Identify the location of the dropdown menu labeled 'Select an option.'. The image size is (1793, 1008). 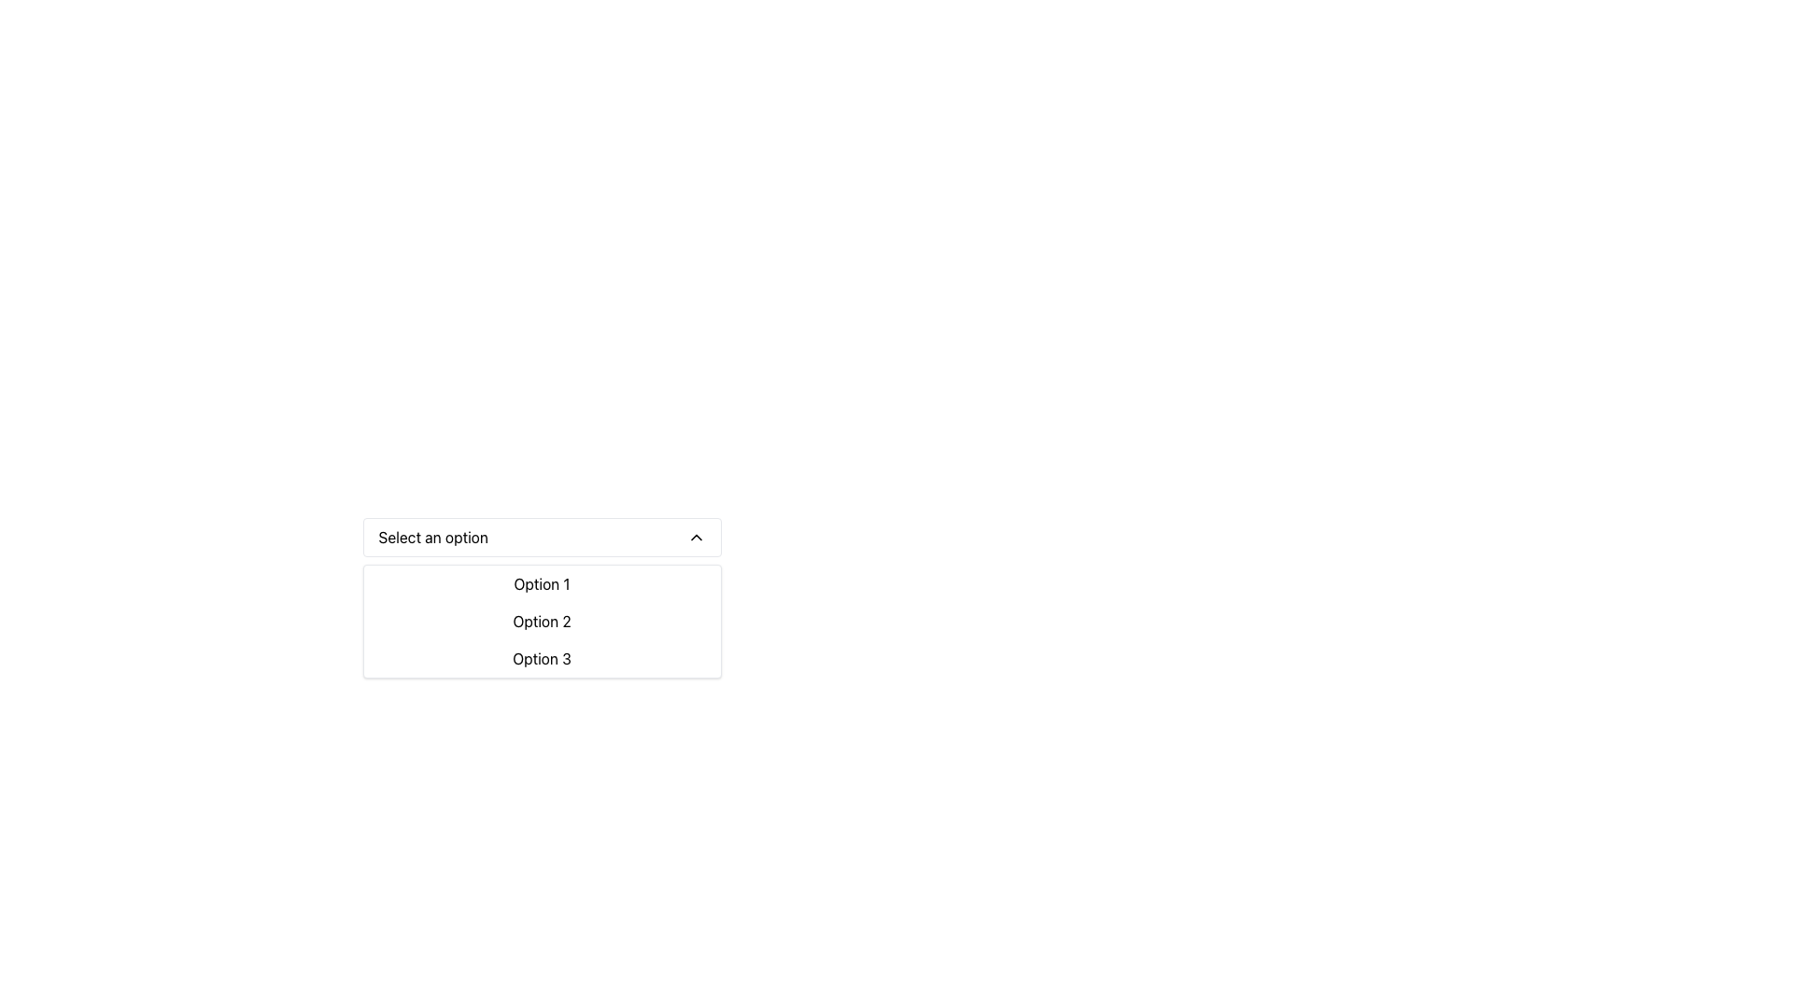
(541, 537).